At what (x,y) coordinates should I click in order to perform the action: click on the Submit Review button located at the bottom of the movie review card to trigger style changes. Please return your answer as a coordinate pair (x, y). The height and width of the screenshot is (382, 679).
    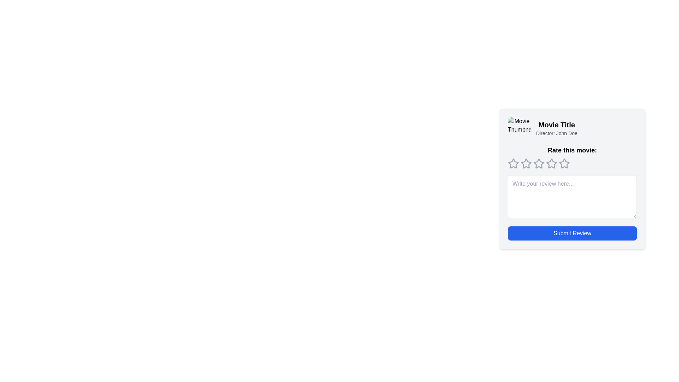
    Looking at the image, I should click on (572, 233).